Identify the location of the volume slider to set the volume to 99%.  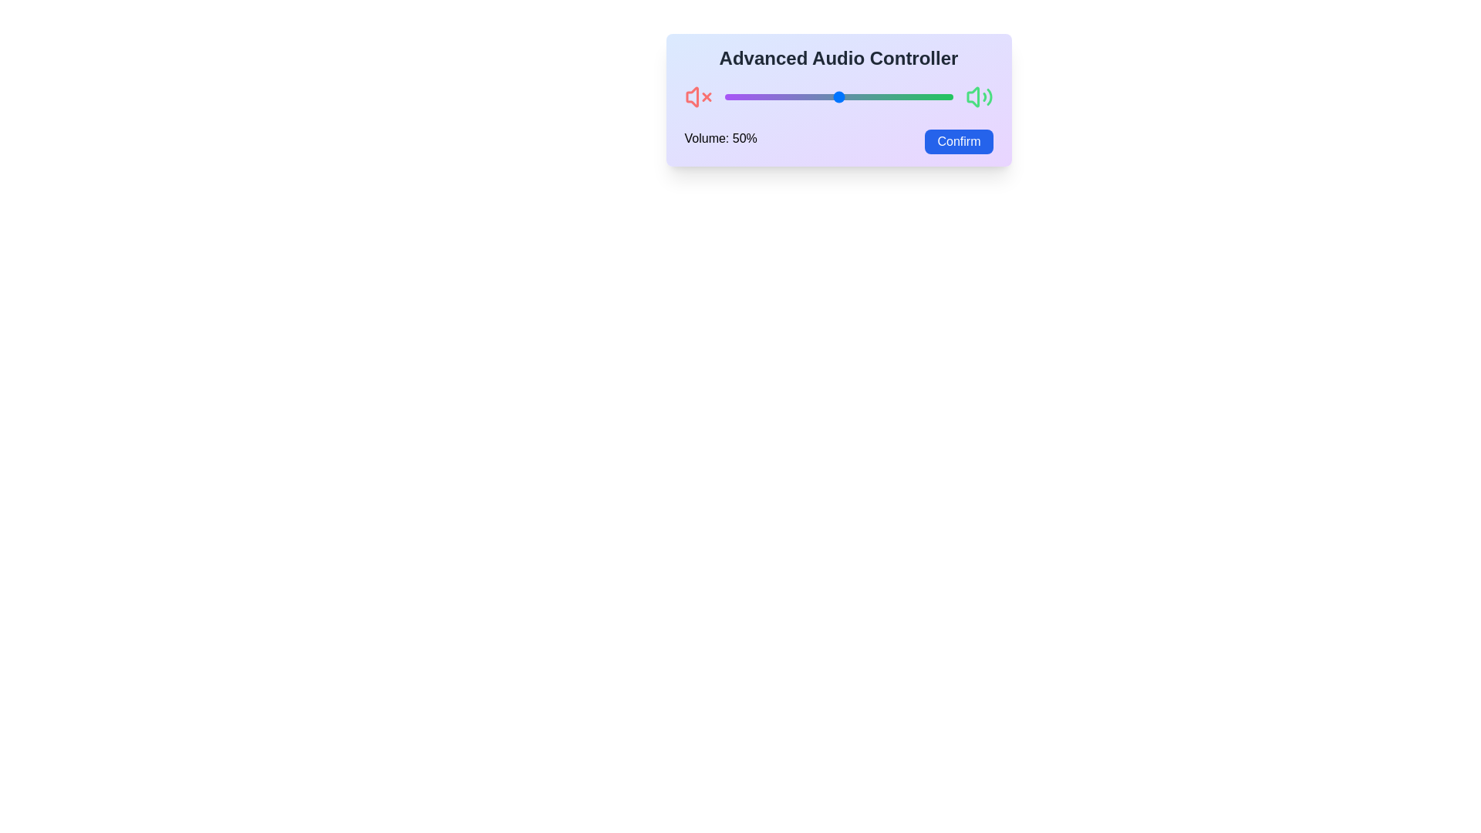
(950, 97).